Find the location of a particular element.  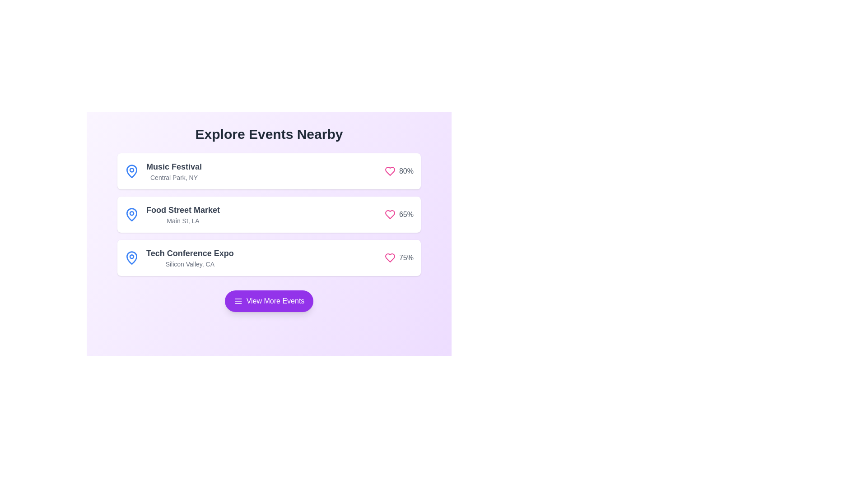

the pink outlined heart icon in the bottom-right corner of the 'Tech Conference Expo' card for keyboard navigation is located at coordinates (390, 257).